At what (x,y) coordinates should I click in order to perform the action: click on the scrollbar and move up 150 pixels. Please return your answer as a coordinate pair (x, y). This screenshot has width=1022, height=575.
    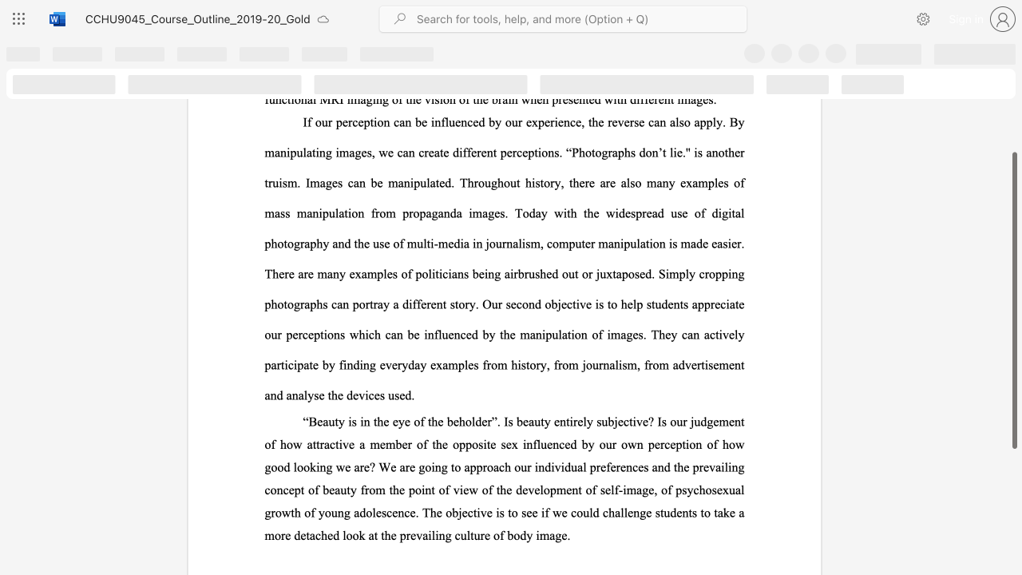
    Looking at the image, I should click on (1013, 300).